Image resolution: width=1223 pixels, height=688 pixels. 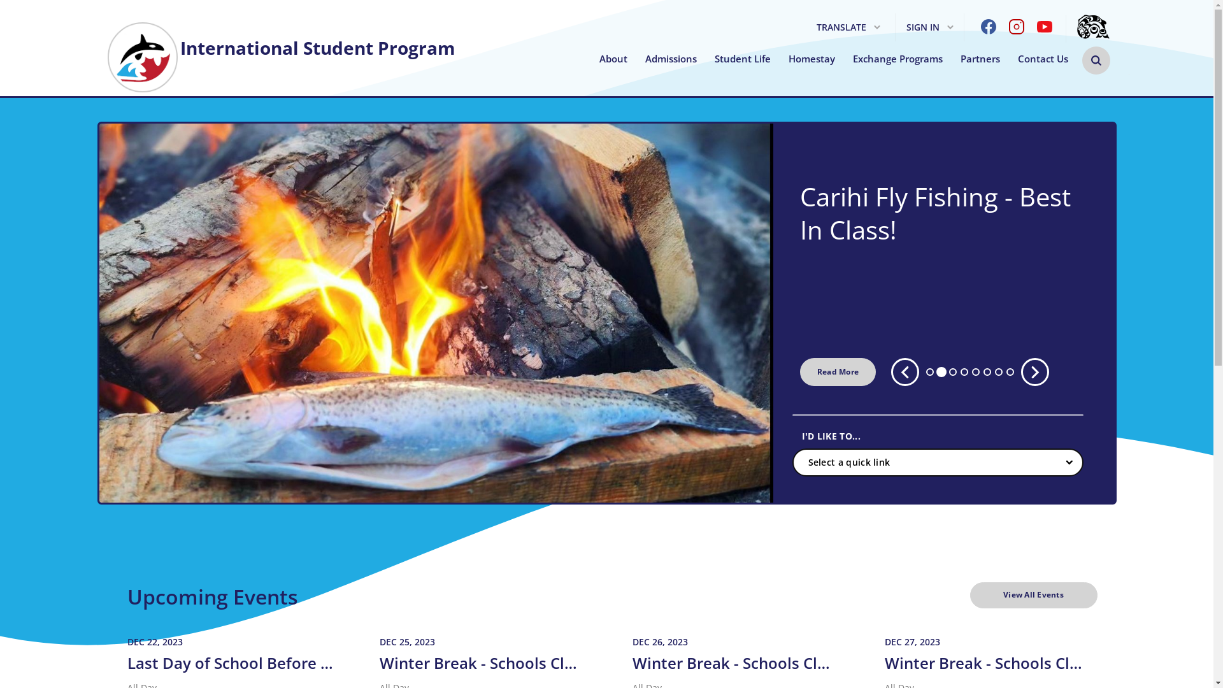 I want to click on '4', so click(x=964, y=371).